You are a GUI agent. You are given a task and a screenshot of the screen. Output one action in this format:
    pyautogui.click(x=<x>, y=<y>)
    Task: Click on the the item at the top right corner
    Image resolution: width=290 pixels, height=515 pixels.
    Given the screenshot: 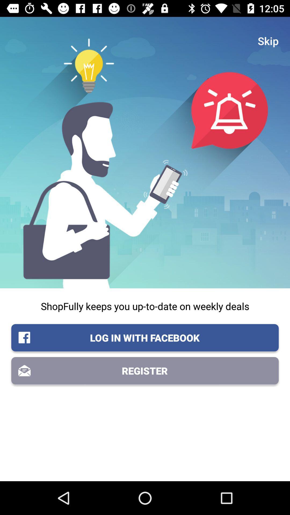 What is the action you would take?
    pyautogui.click(x=268, y=41)
    